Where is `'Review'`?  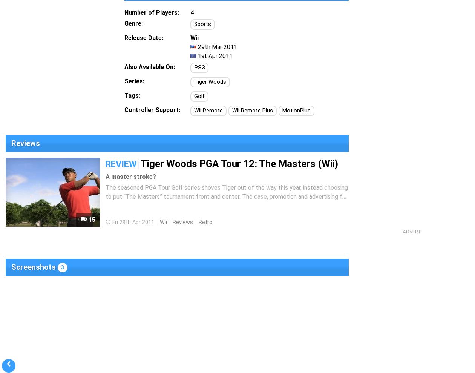 'Review' is located at coordinates (121, 164).